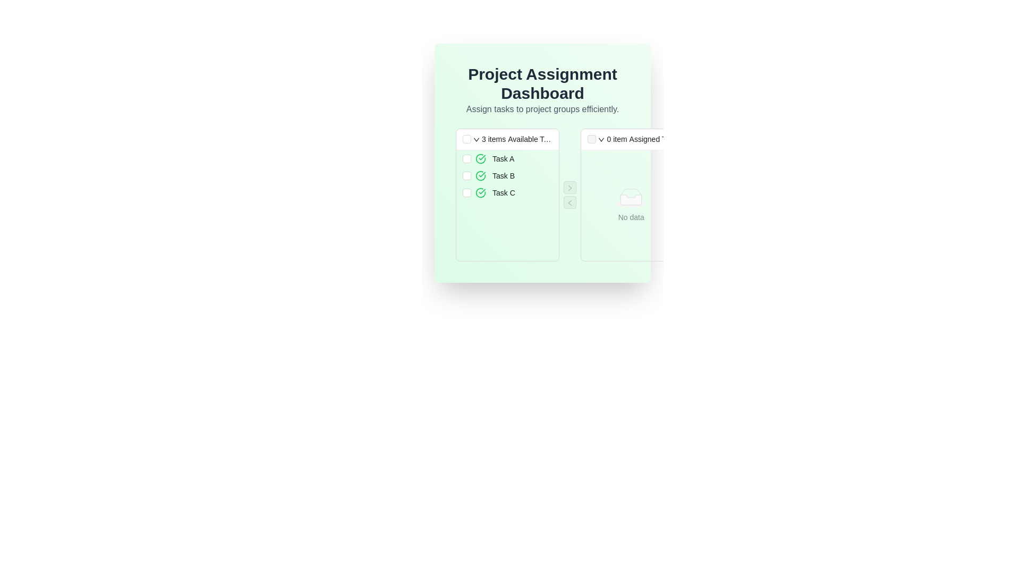 Image resolution: width=1020 pixels, height=574 pixels. I want to click on the header section labeled '3 items' and 'Available Tasks', so click(507, 139).